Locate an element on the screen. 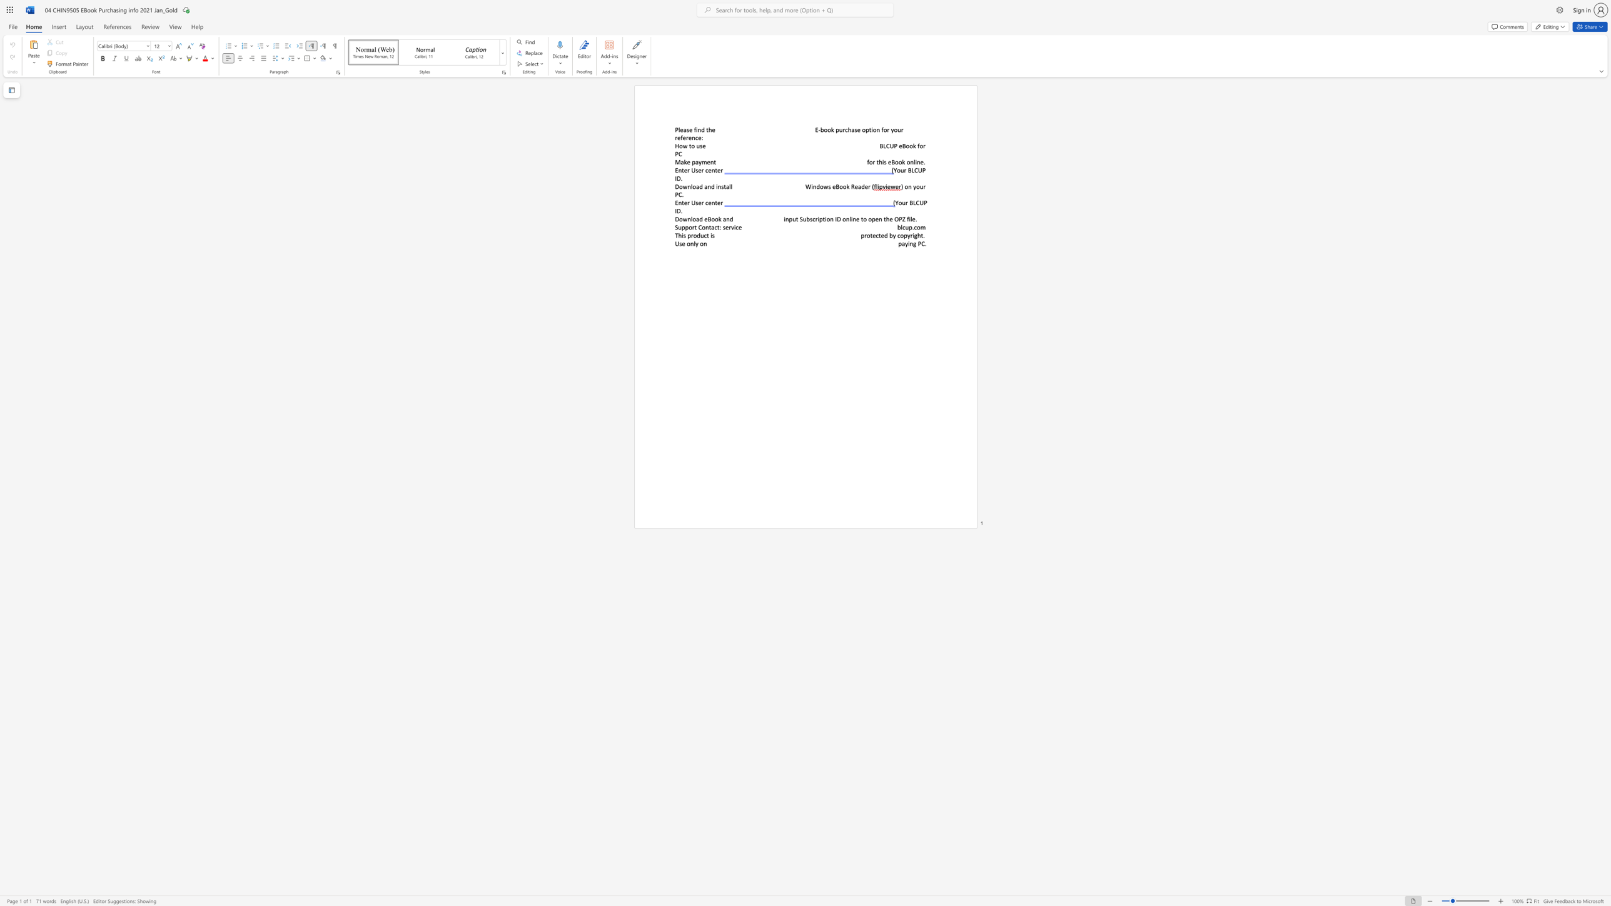 Image resolution: width=1611 pixels, height=906 pixels. the 1th character "n" in the text is located at coordinates (711, 162).